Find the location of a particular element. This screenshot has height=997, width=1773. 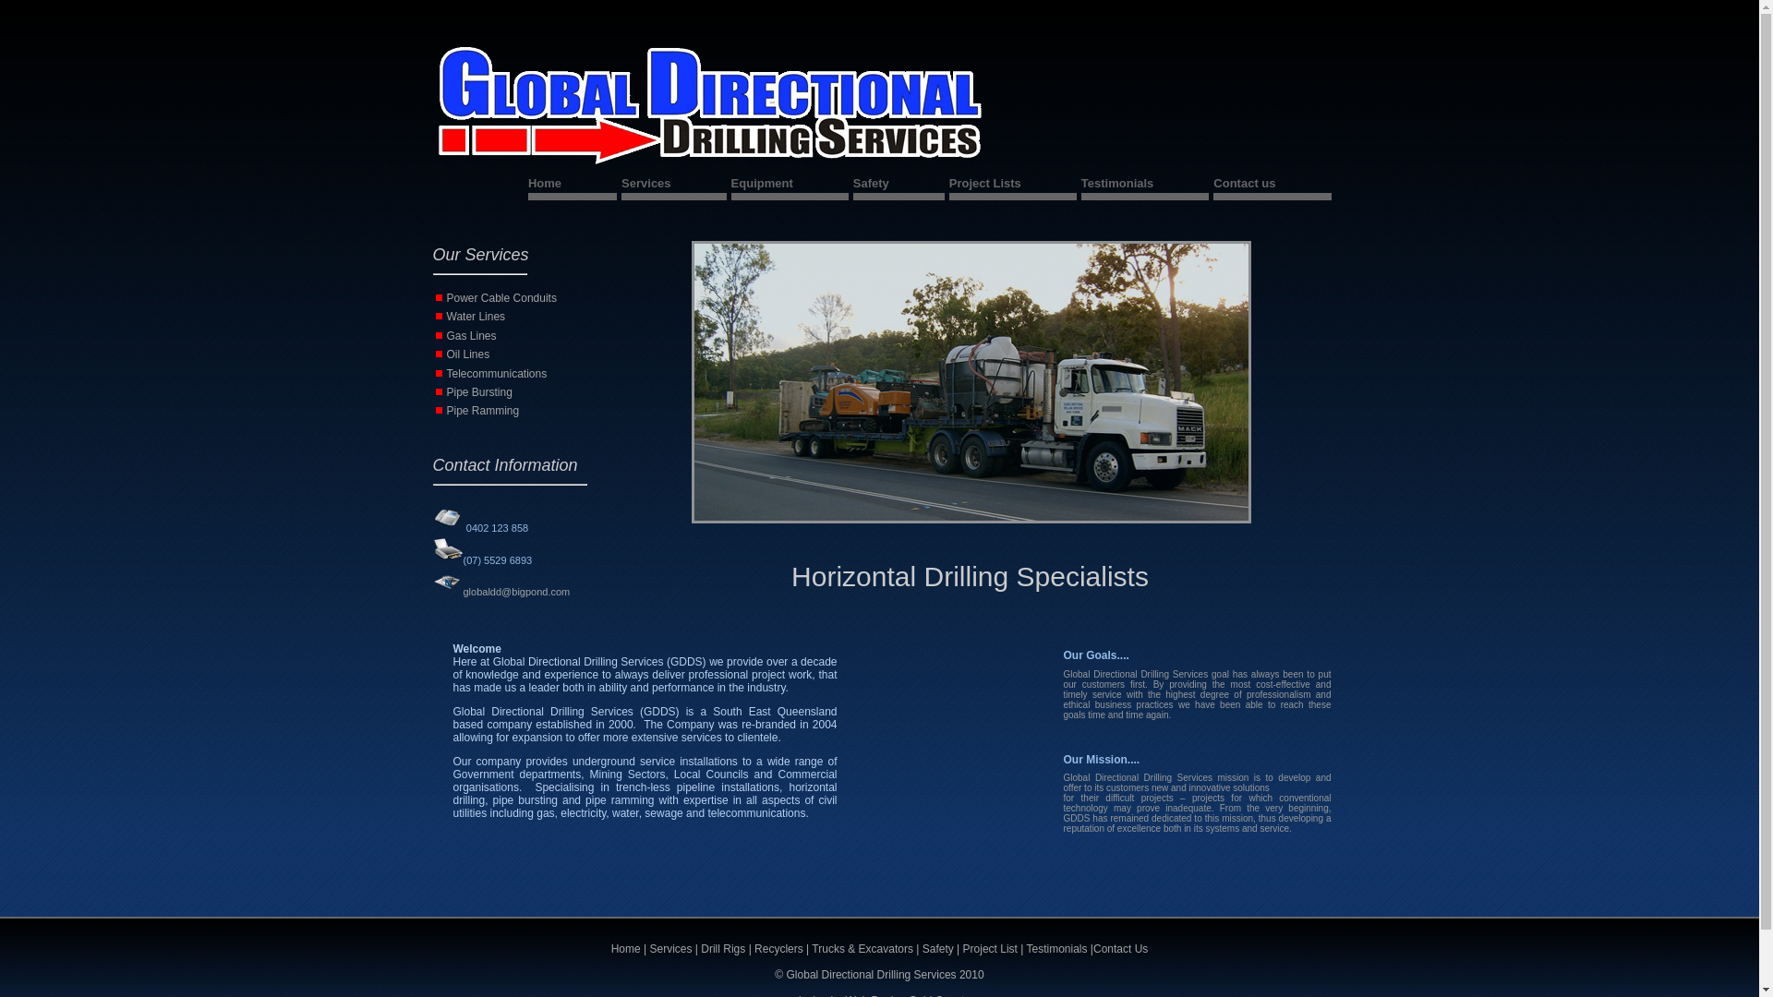

'Pipe Bursting' is located at coordinates (479, 390).